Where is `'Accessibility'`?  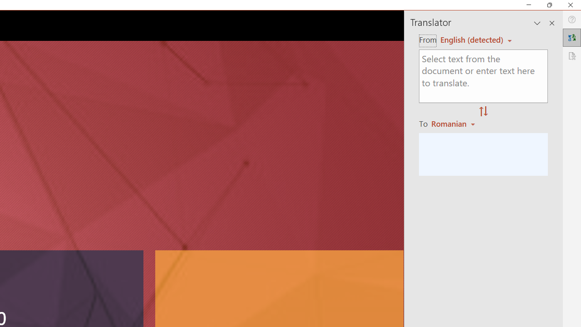
'Accessibility' is located at coordinates (571, 56).